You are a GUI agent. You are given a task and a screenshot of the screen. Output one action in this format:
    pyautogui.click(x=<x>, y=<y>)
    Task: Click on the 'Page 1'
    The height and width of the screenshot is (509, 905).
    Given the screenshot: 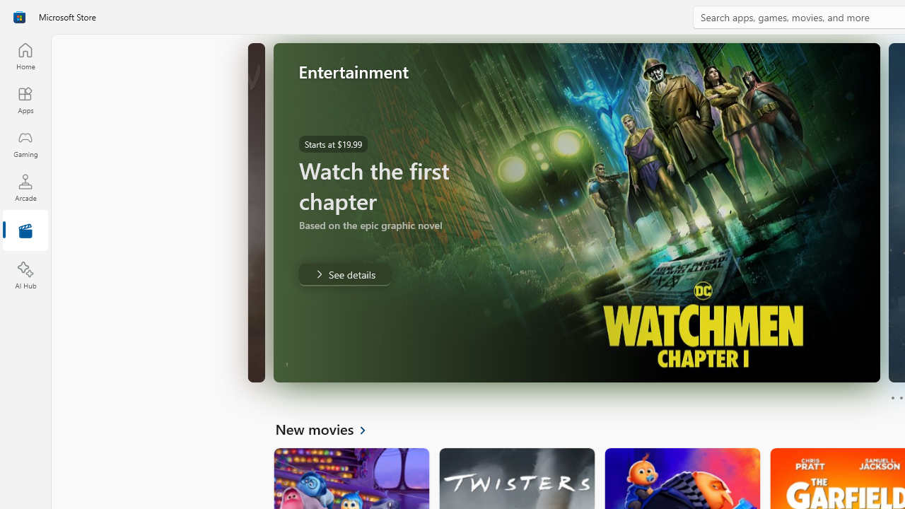 What is the action you would take?
    pyautogui.click(x=892, y=398)
    